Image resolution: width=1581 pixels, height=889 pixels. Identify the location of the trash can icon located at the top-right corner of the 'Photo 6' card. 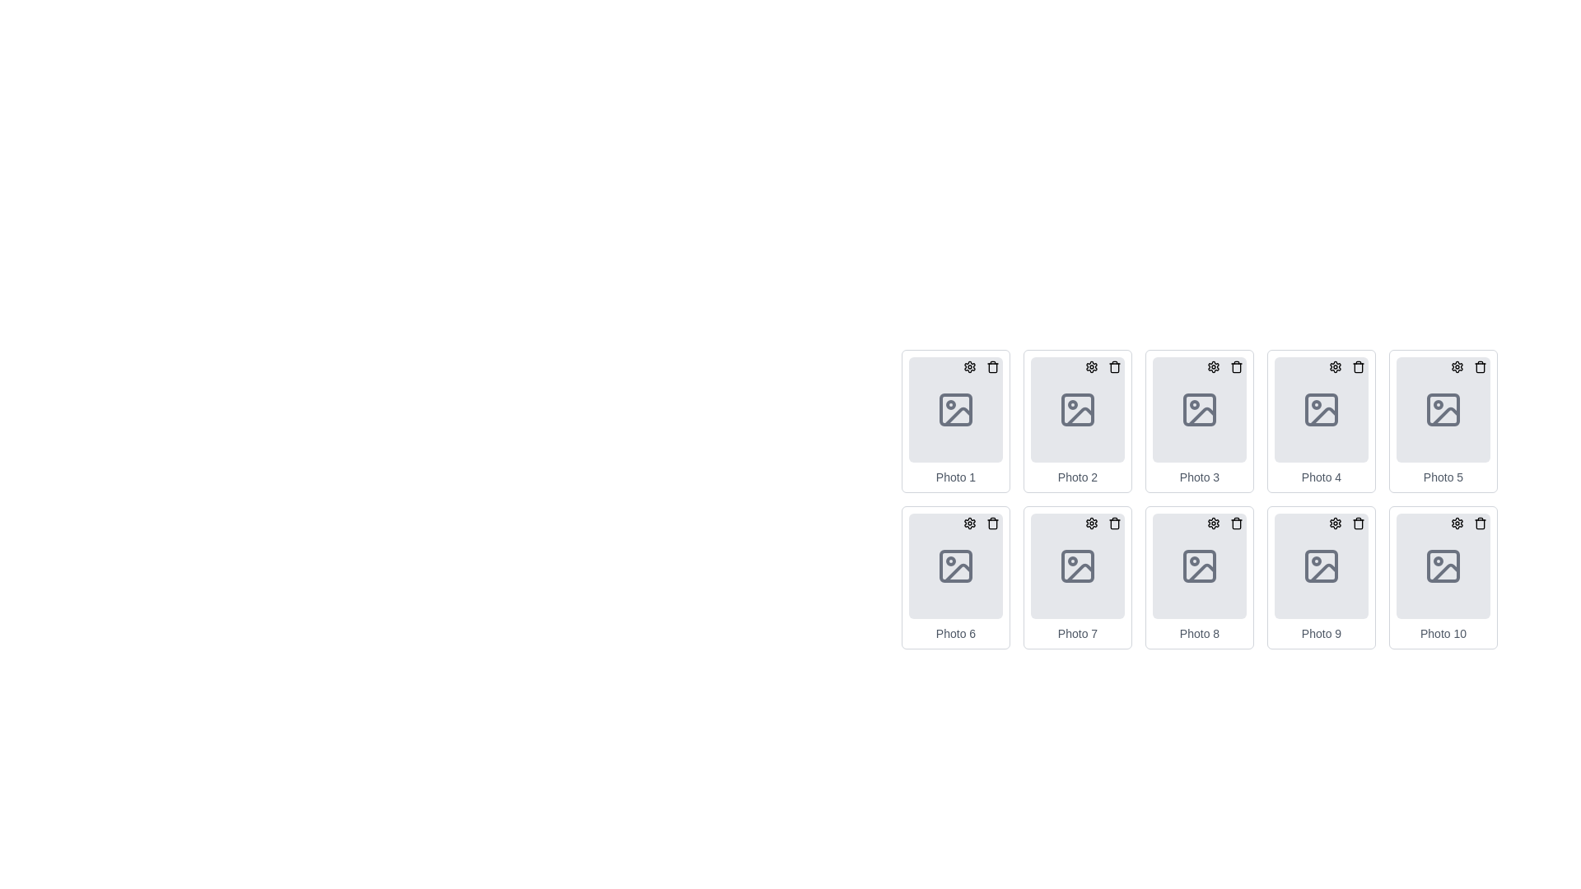
(981, 524).